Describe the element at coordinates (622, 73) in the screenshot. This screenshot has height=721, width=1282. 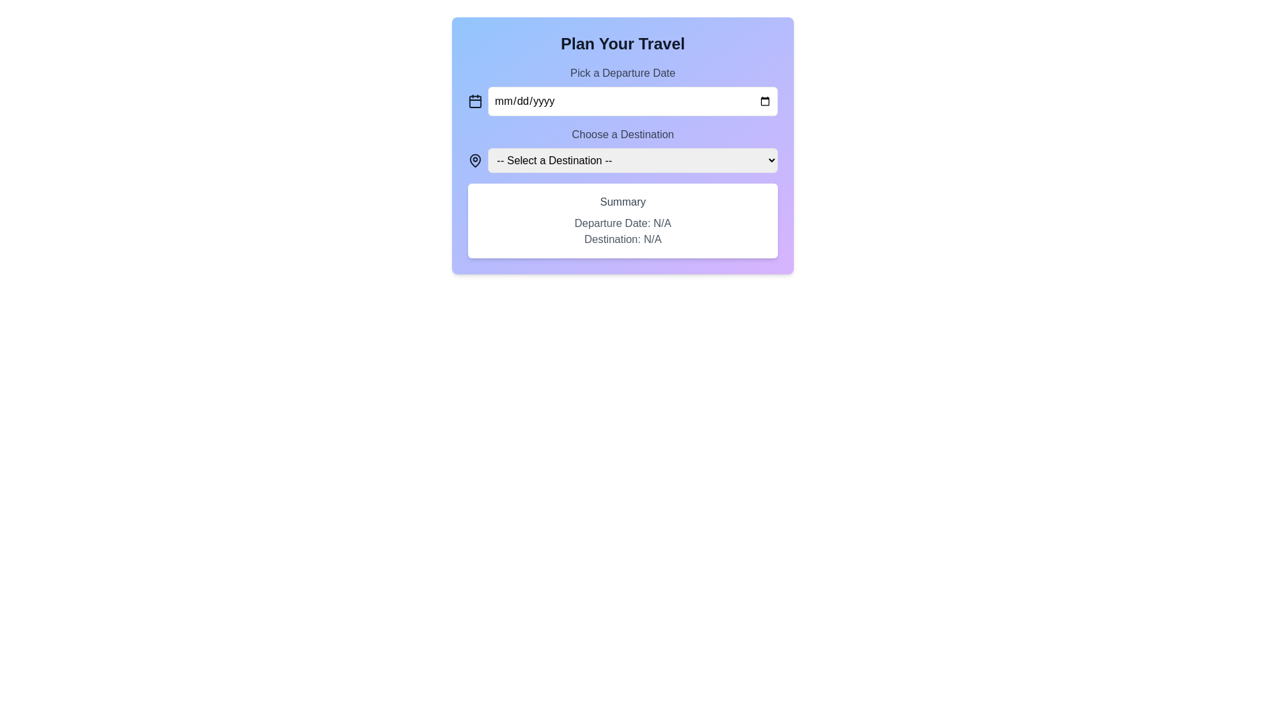
I see `the static text label that indicates the user needs to select a departure date, located at the top center of the 'Plan Your Travel' form` at that location.